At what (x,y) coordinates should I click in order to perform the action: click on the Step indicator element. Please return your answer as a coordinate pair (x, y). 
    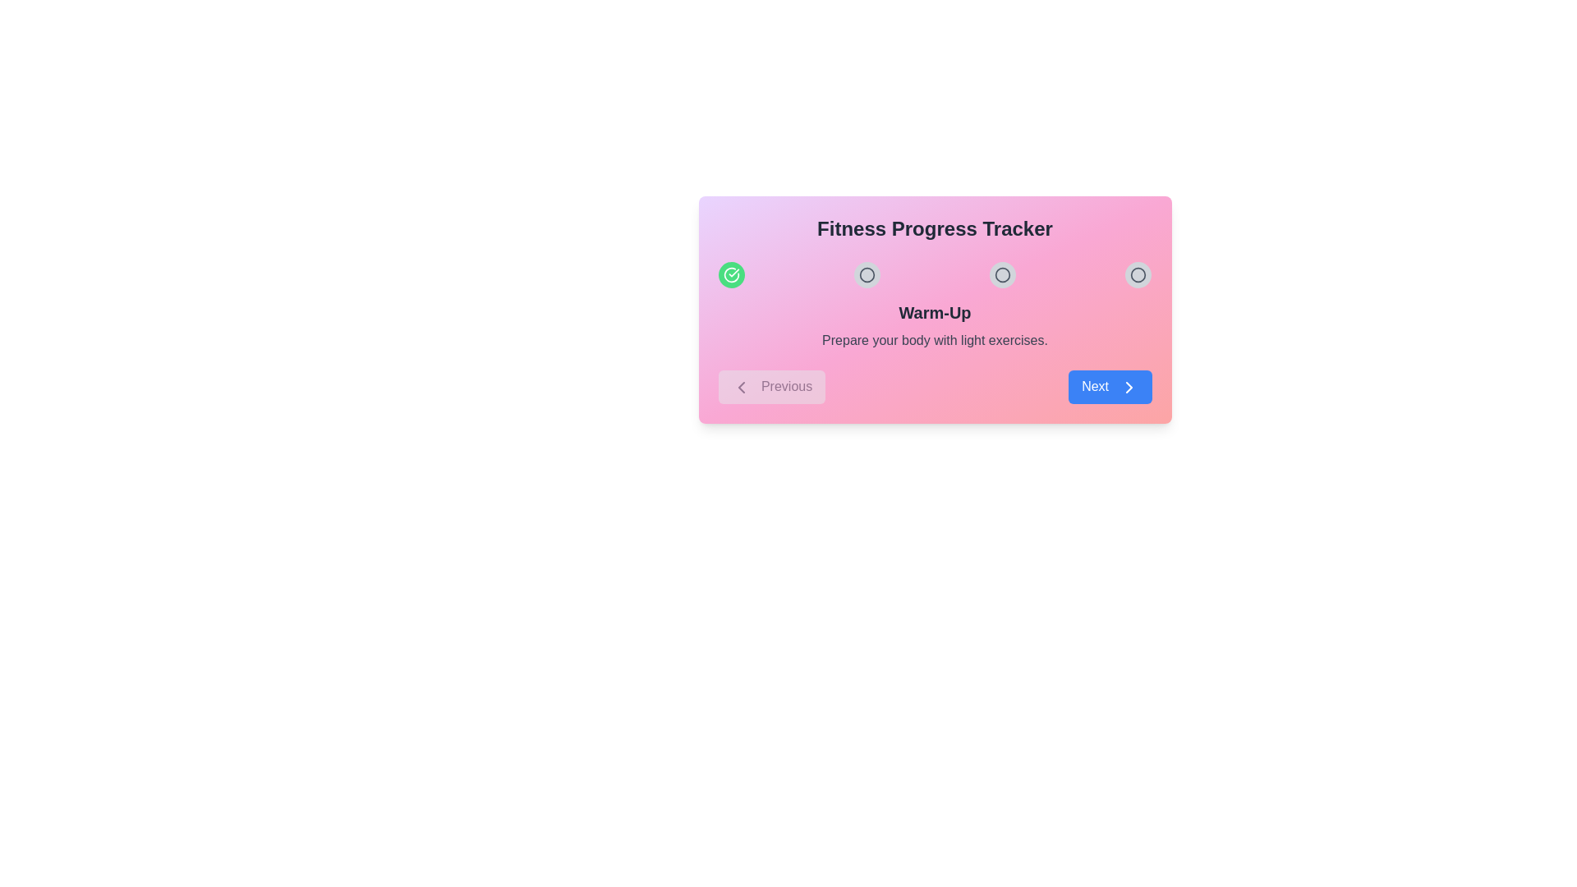
    Looking at the image, I should click on (1138, 274).